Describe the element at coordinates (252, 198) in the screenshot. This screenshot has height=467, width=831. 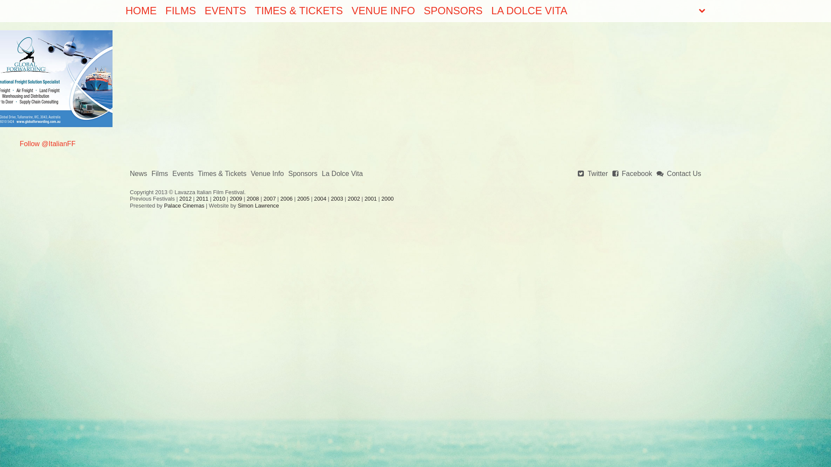
I see `'2008'` at that location.